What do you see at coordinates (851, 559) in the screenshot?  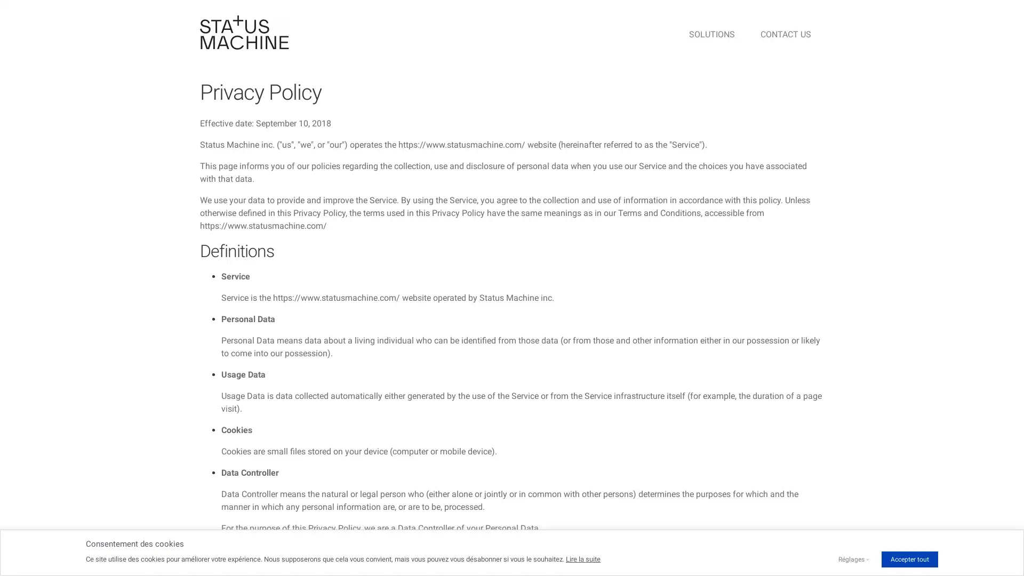 I see `Reglages` at bounding box center [851, 559].